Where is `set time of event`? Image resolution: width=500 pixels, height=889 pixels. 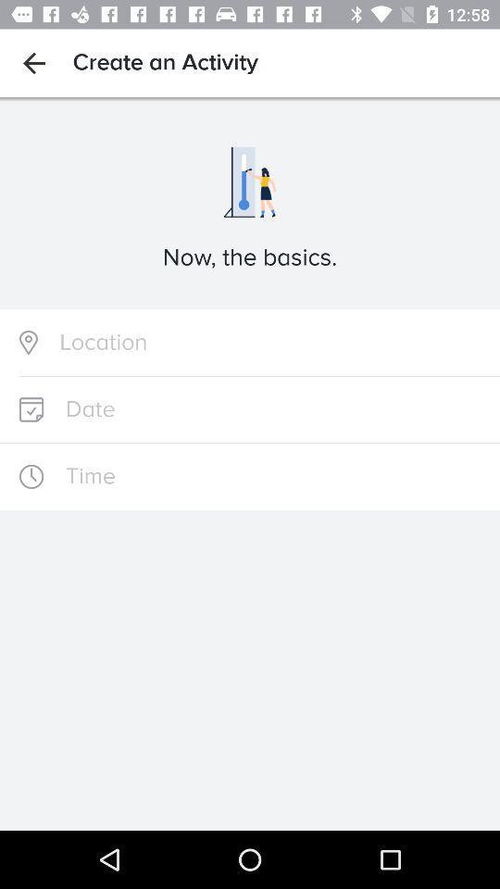
set time of event is located at coordinates (250, 476).